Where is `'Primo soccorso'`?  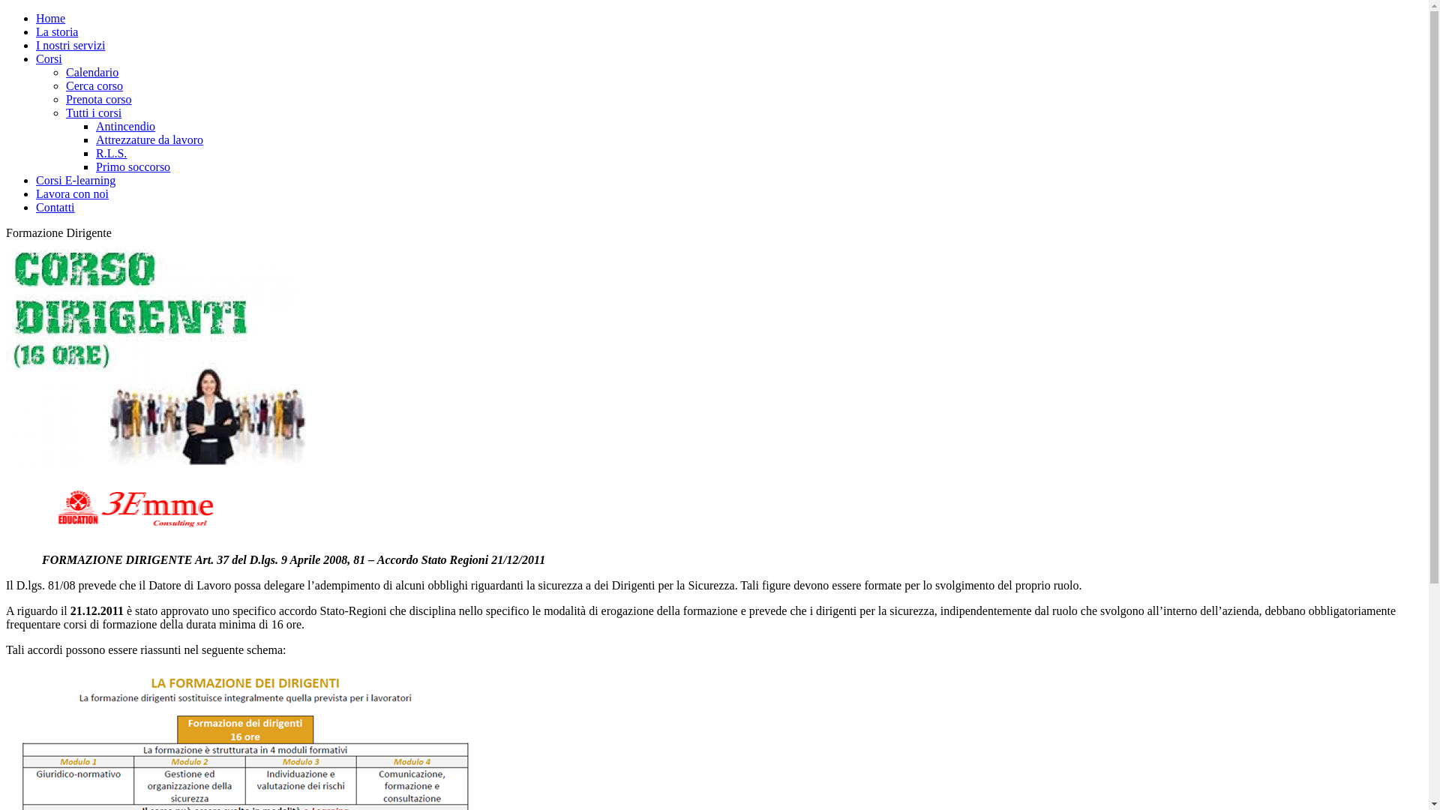 'Primo soccorso' is located at coordinates (95, 166).